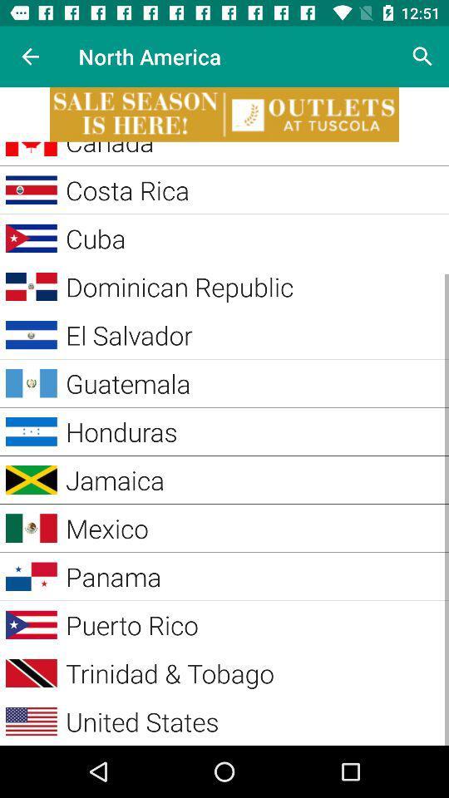 This screenshot has height=798, width=449. I want to click on search, so click(422, 57).